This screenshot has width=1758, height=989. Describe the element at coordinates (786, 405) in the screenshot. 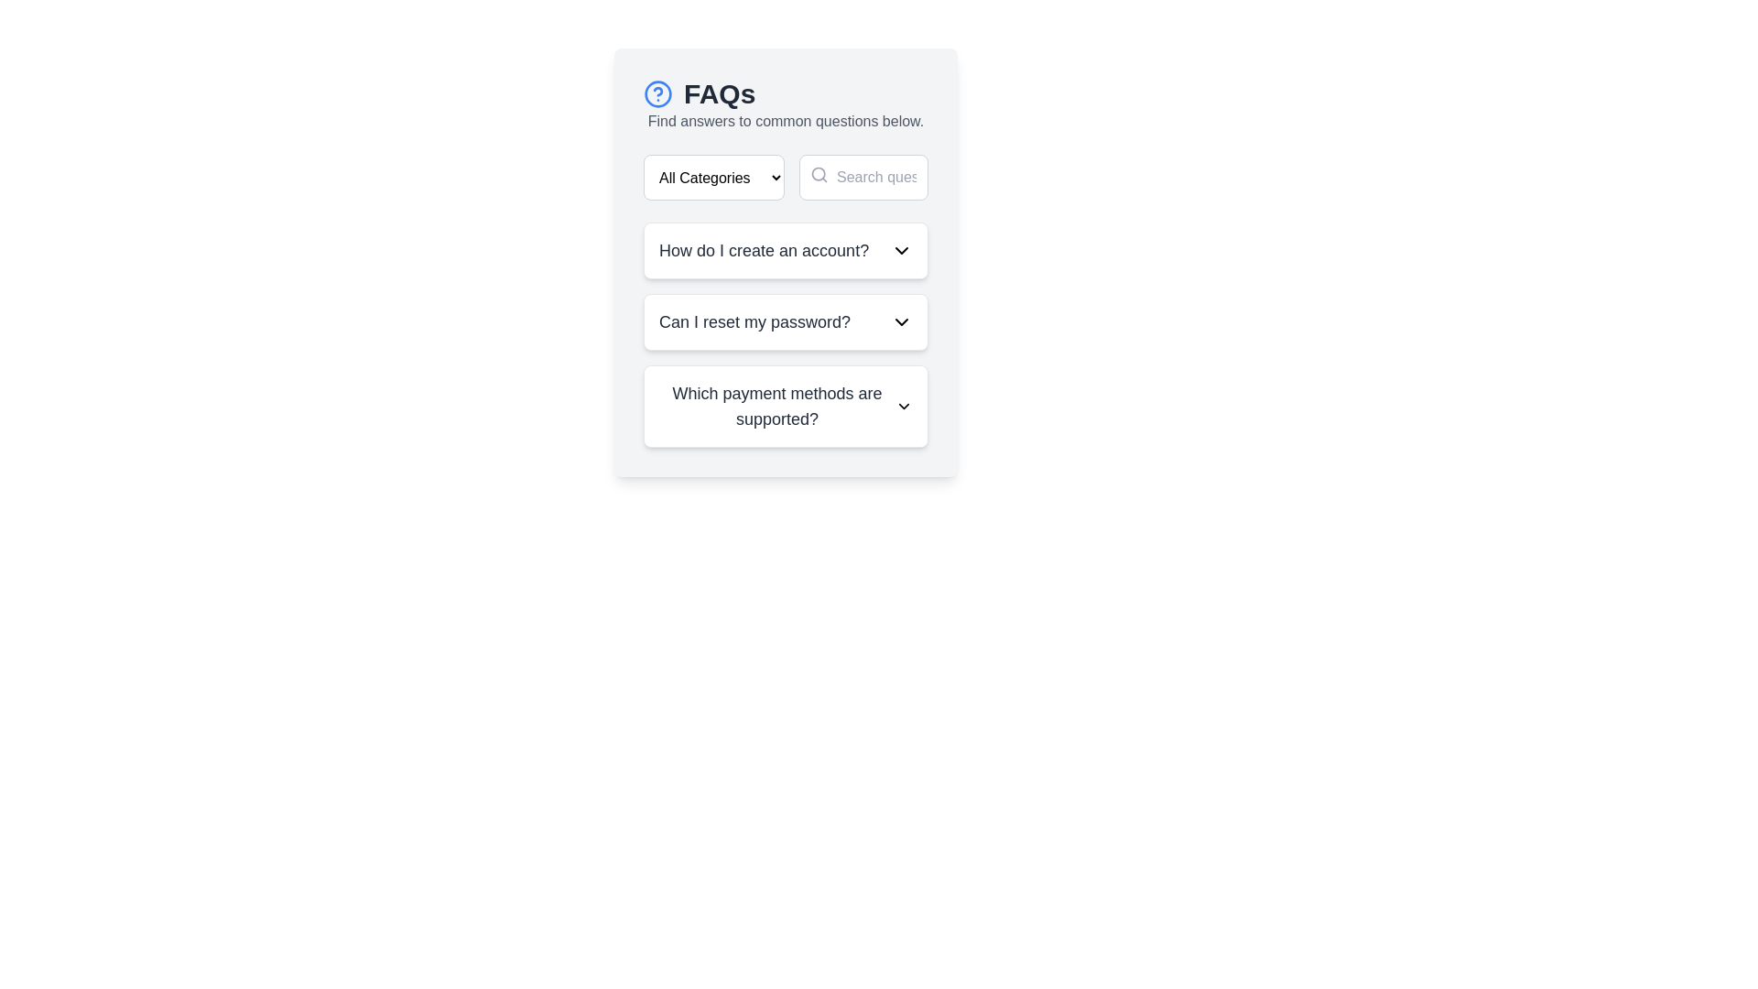

I see `the interactive text with an icon (collapsible header) located in the third item of the FAQ section` at that location.